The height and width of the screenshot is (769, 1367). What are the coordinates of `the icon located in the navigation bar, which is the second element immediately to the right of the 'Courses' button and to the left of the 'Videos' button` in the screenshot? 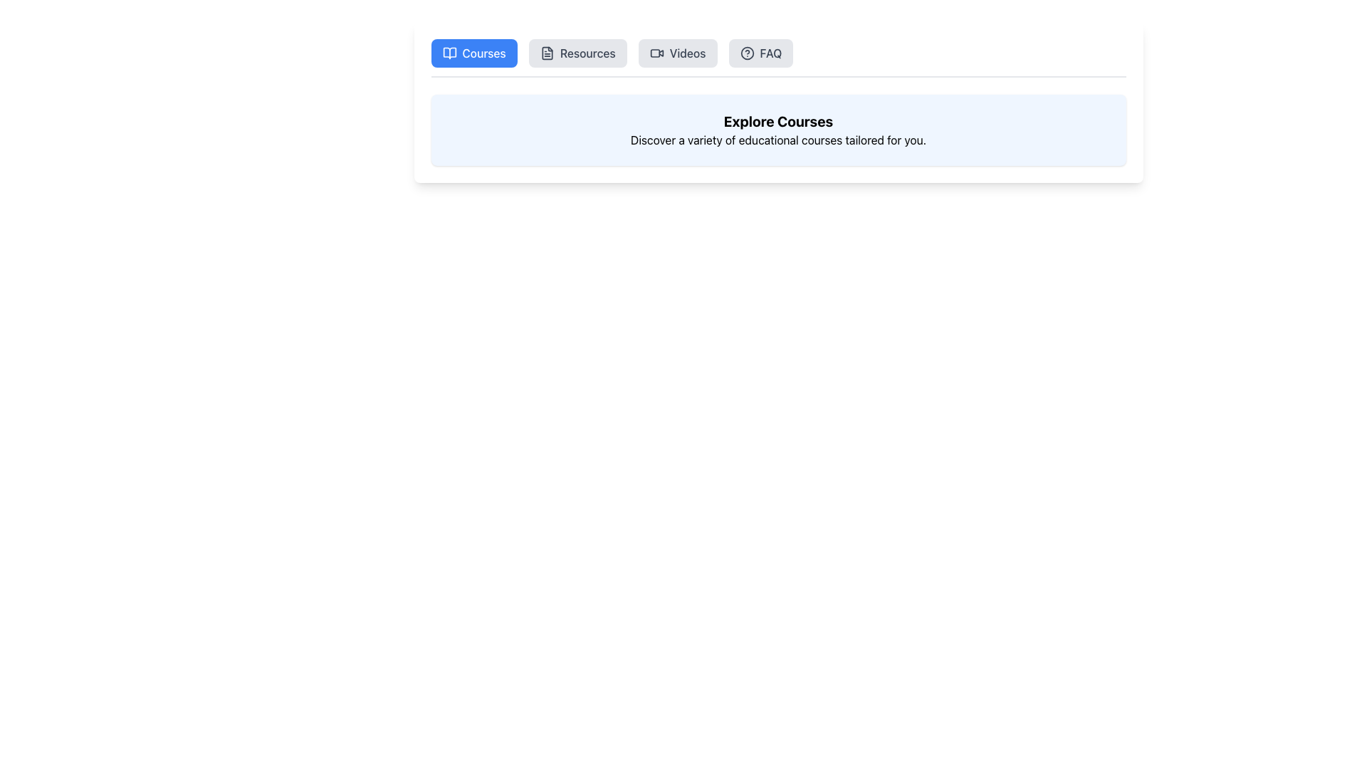 It's located at (546, 52).